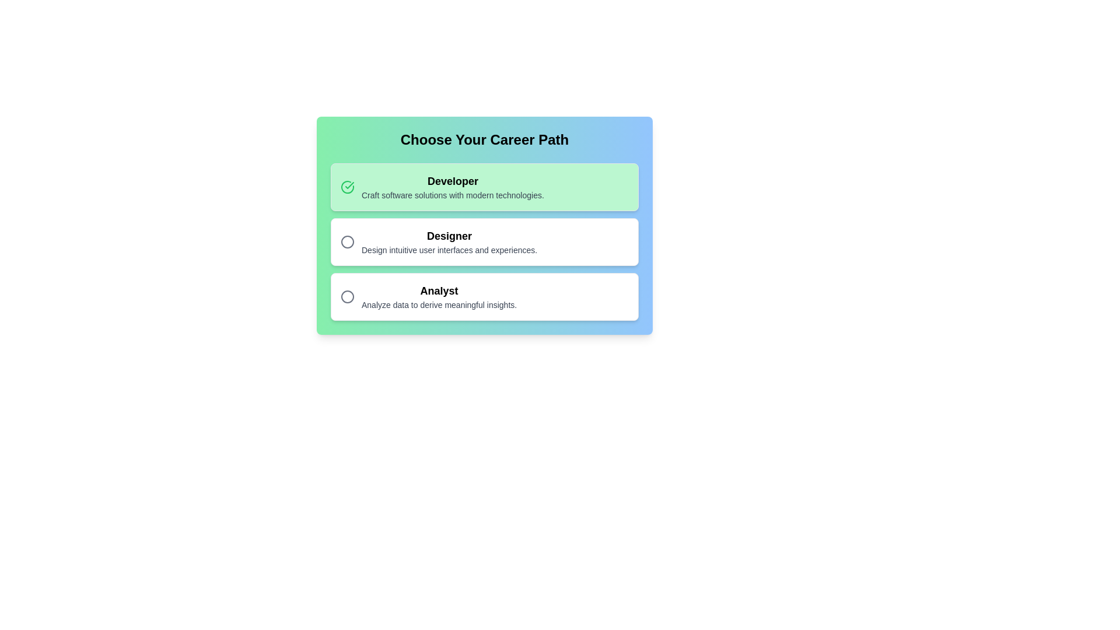 This screenshot has width=1120, height=630. I want to click on the first Option card in the career paths list, so click(484, 186).